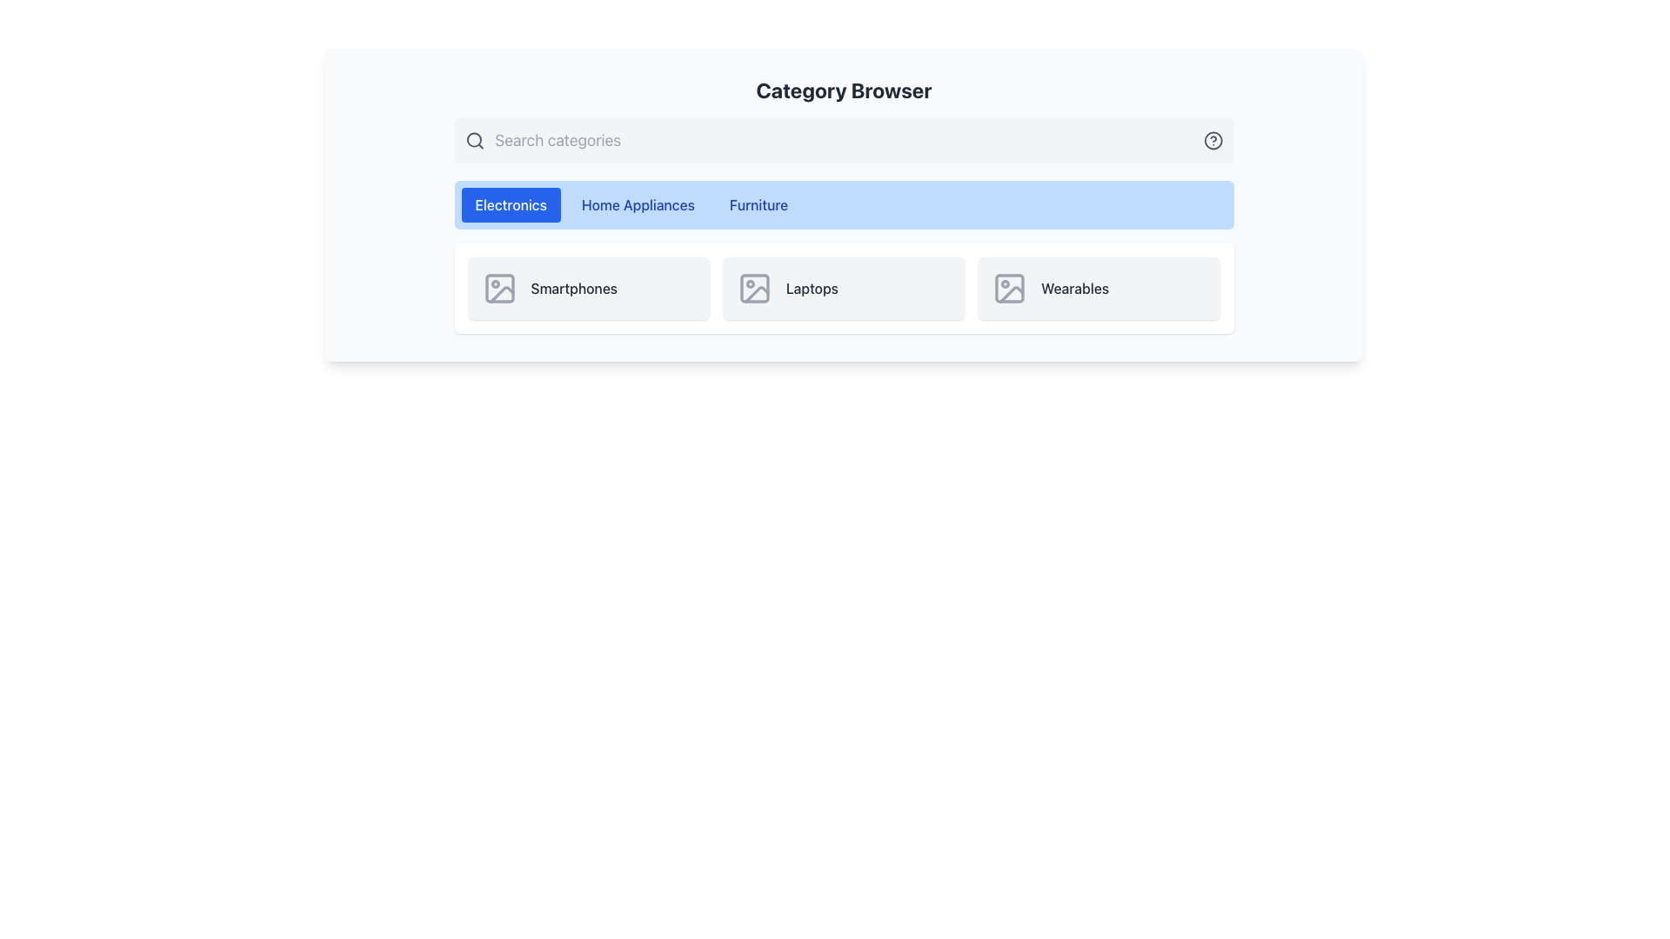 Image resolution: width=1670 pixels, height=939 pixels. Describe the element at coordinates (498, 287) in the screenshot. I see `the Decorative rectangle located at the top-left corner of the image icon, which is part of the row of image placeholders labeled 'Smartphones,' 'Laptops,' and 'Wearables.'` at that location.